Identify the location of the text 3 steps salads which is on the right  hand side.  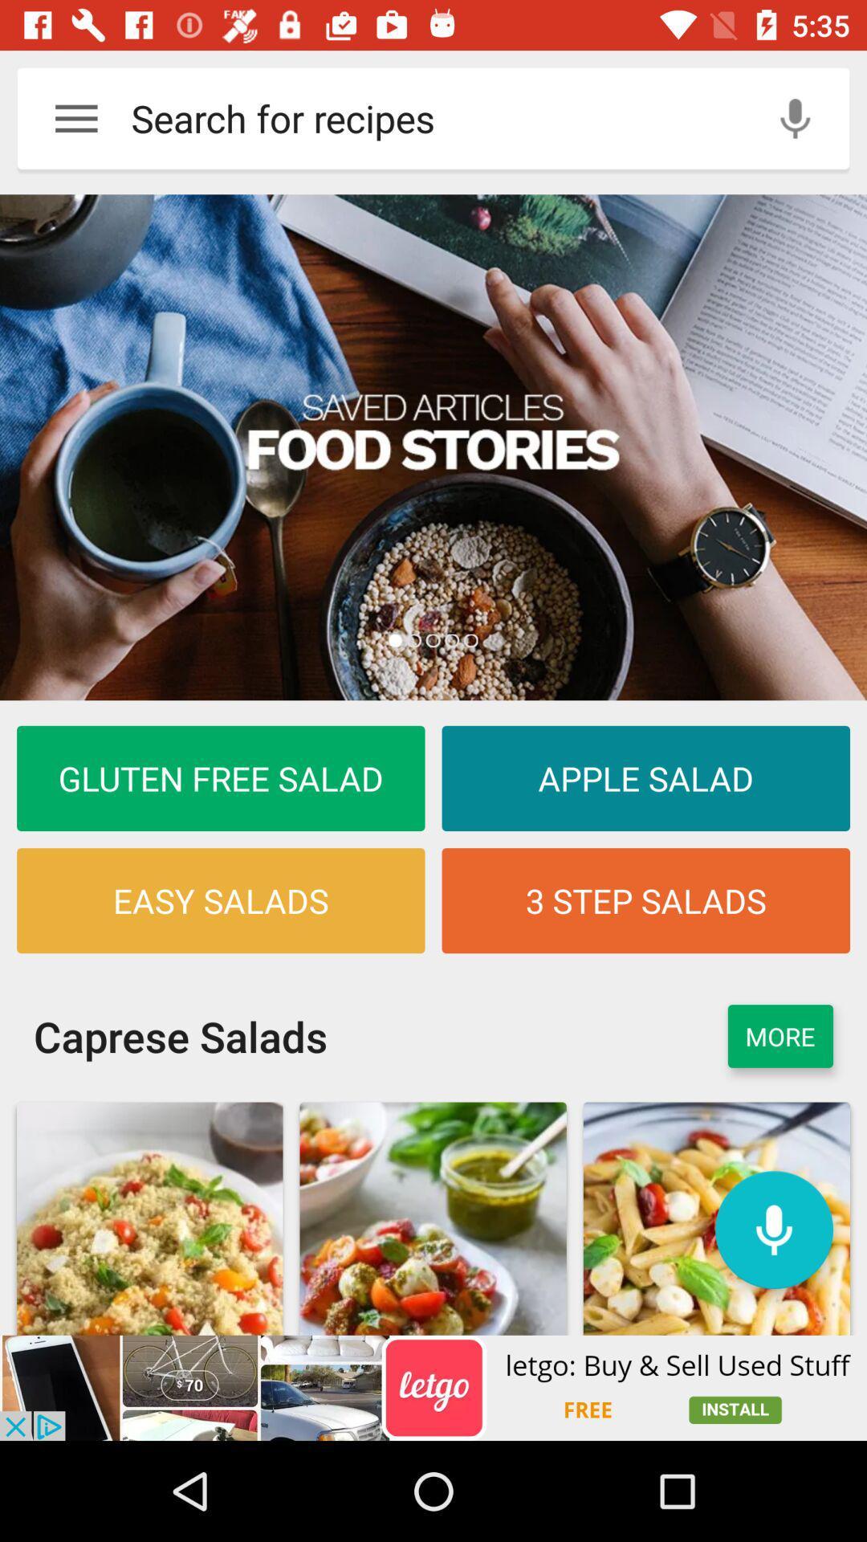
(645, 900).